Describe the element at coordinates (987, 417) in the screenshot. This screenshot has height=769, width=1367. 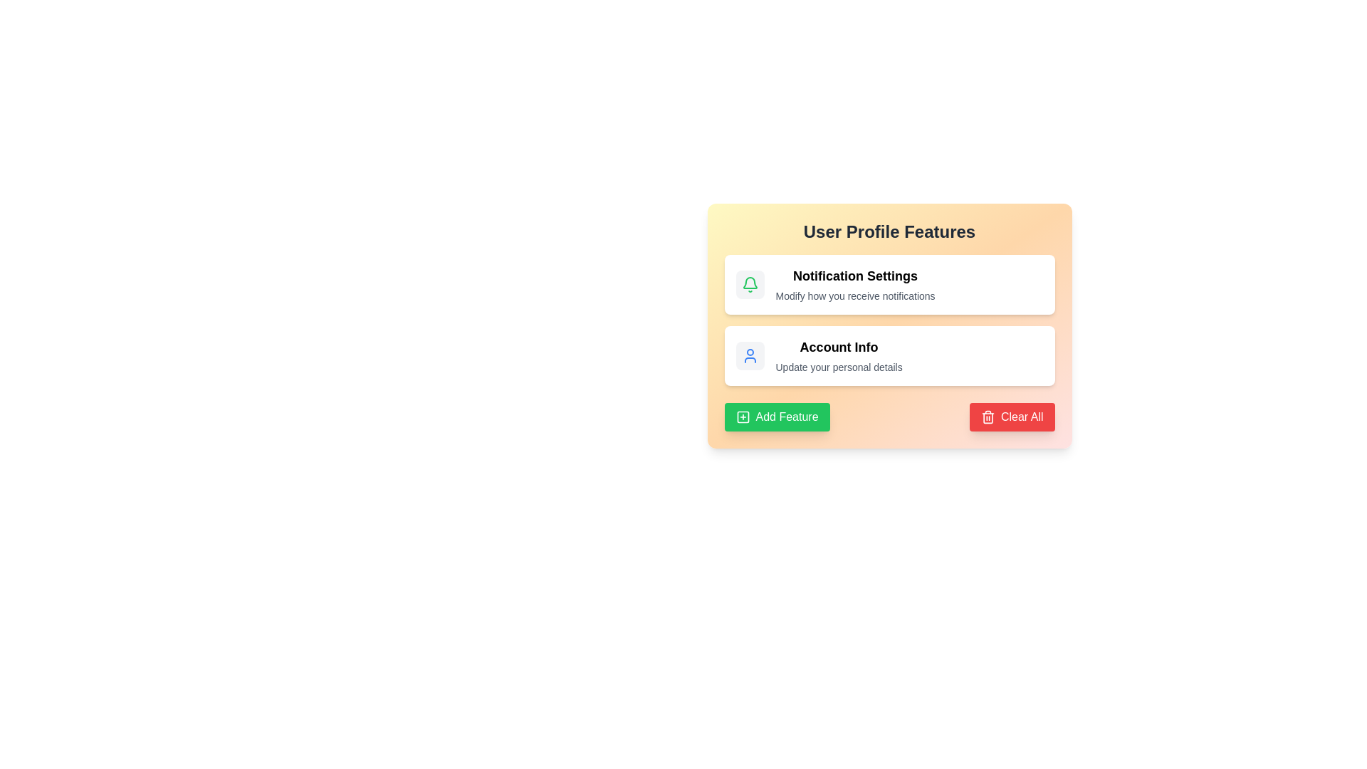
I see `the 'Clear All' icon located on the left side of the button text at the bottom right of the card interface` at that location.